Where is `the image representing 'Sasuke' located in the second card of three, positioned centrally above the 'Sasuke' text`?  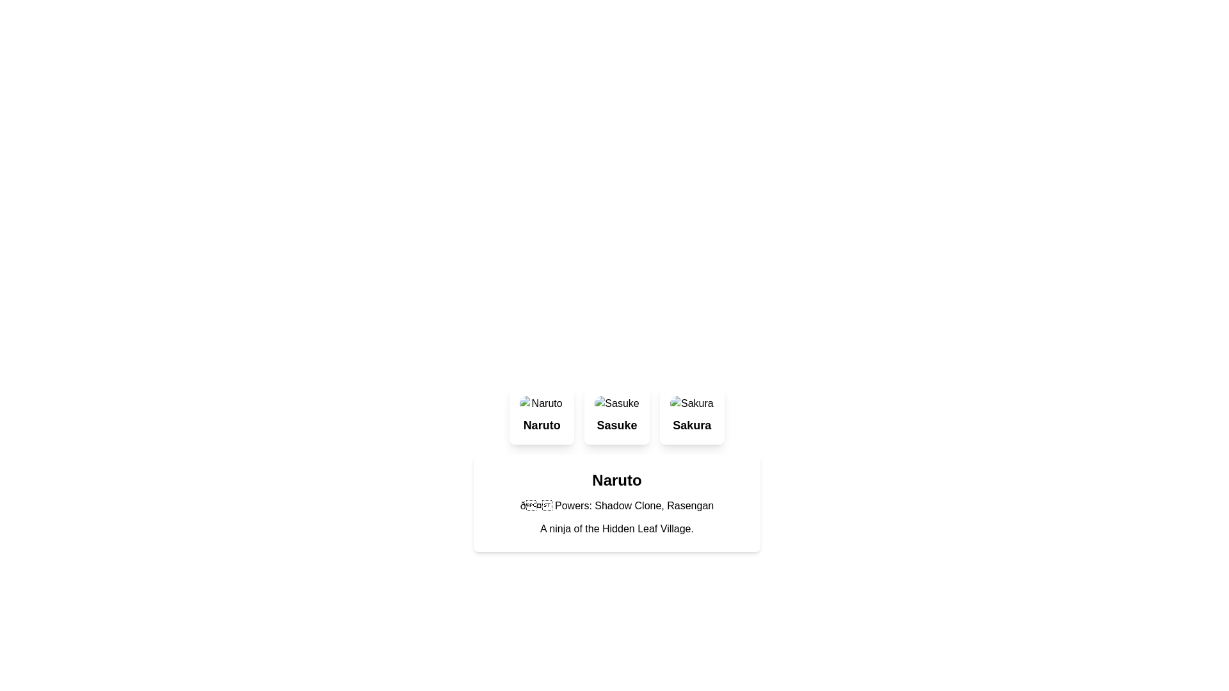
the image representing 'Sasuke' located in the second card of three, positioned centrally above the 'Sasuke' text is located at coordinates (617, 404).